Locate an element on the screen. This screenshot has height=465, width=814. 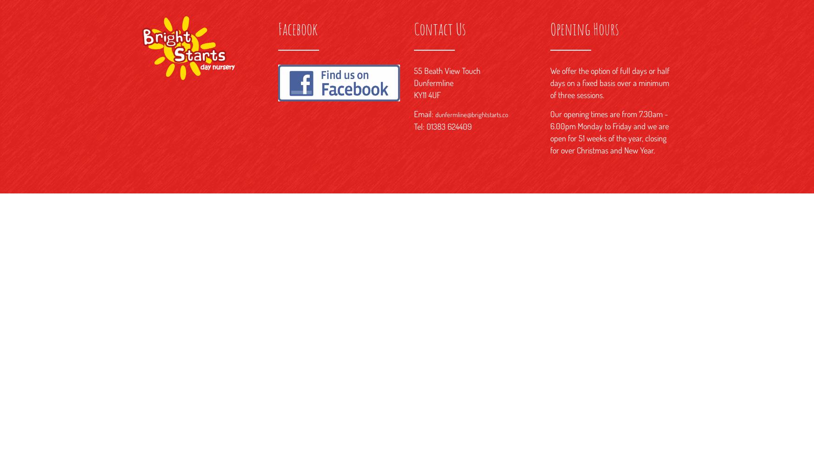
'We offer the option of full days or half days on a fixed basis over a minimum of three sessions.' is located at coordinates (609, 83).